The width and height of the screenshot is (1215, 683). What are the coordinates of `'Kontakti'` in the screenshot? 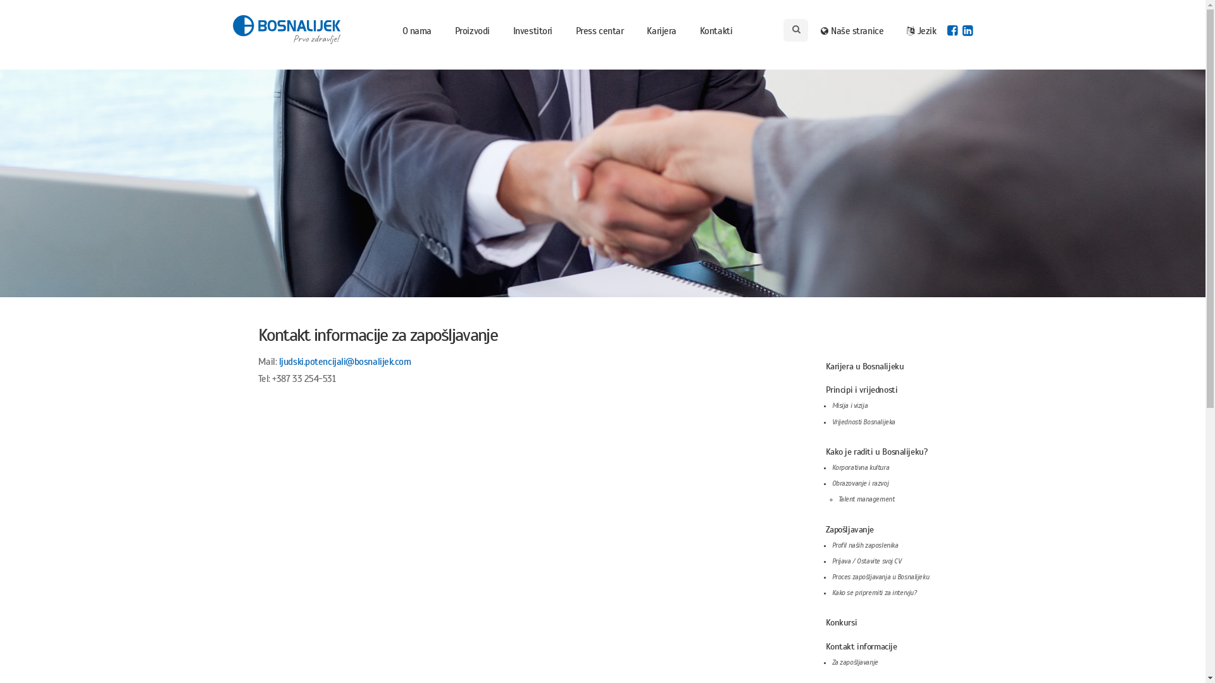 It's located at (716, 30).